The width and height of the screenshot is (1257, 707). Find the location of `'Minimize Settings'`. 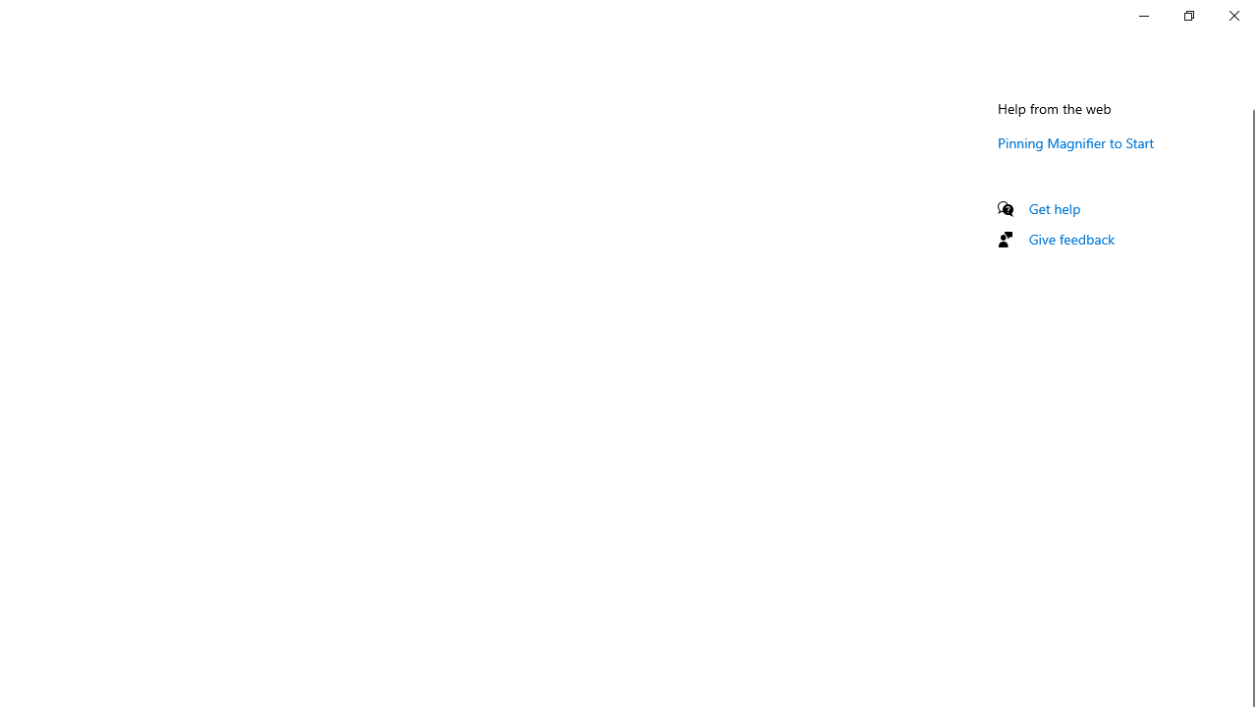

'Minimize Settings' is located at coordinates (1143, 15).